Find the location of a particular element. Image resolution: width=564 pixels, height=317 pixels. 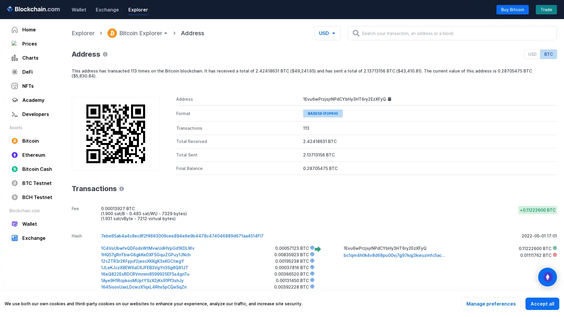

Buy Bitcoin is located at coordinates (512, 9).